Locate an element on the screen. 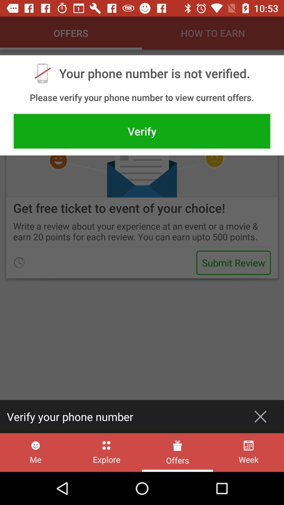  the close icon is located at coordinates (260, 416).